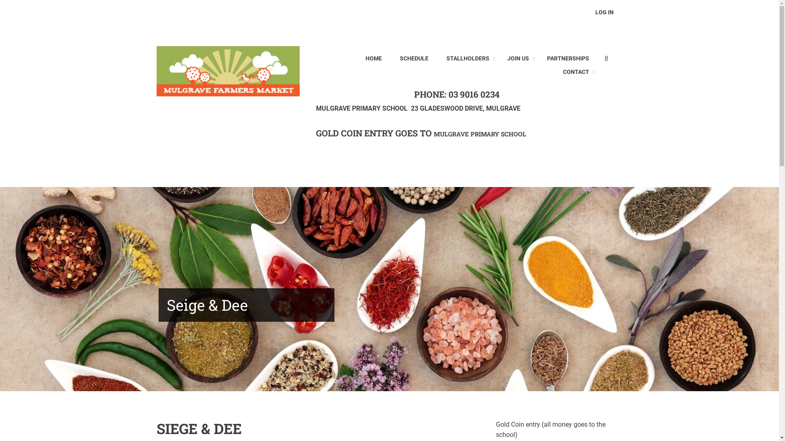 The width and height of the screenshot is (785, 441). Describe the element at coordinates (0, 0) in the screenshot. I see `'Skip to main content'` at that location.